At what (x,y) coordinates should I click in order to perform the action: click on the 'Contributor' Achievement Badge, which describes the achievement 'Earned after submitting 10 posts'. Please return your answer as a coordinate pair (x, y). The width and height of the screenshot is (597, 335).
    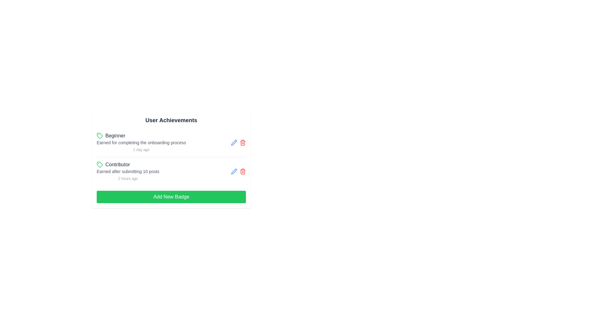
    Looking at the image, I should click on (127, 171).